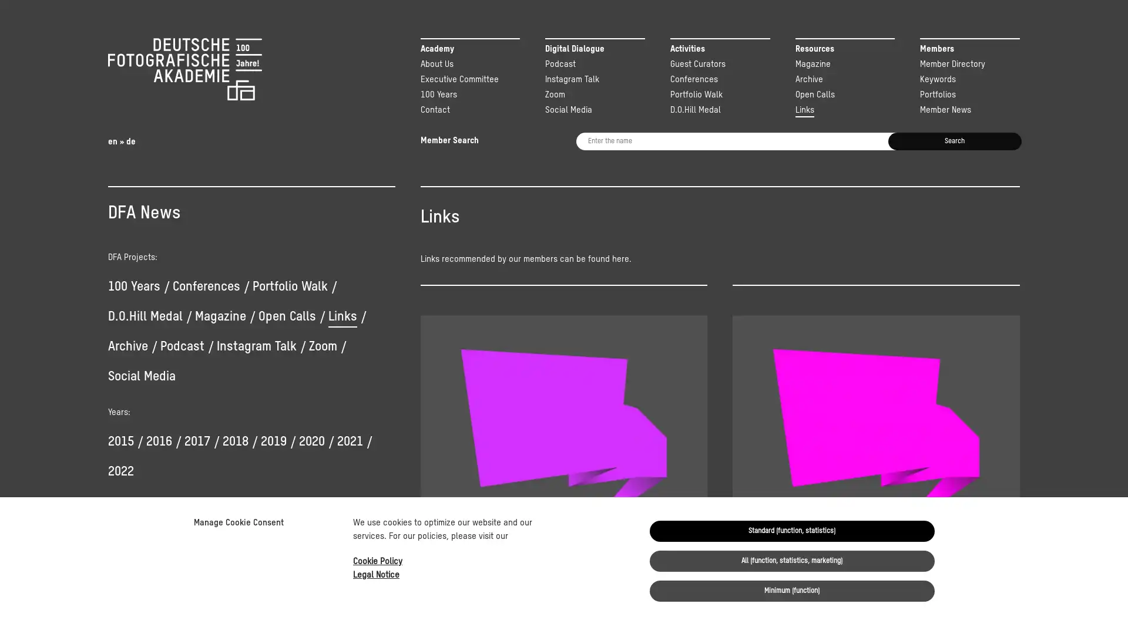  Describe the element at coordinates (206, 287) in the screenshot. I see `Conferences` at that location.